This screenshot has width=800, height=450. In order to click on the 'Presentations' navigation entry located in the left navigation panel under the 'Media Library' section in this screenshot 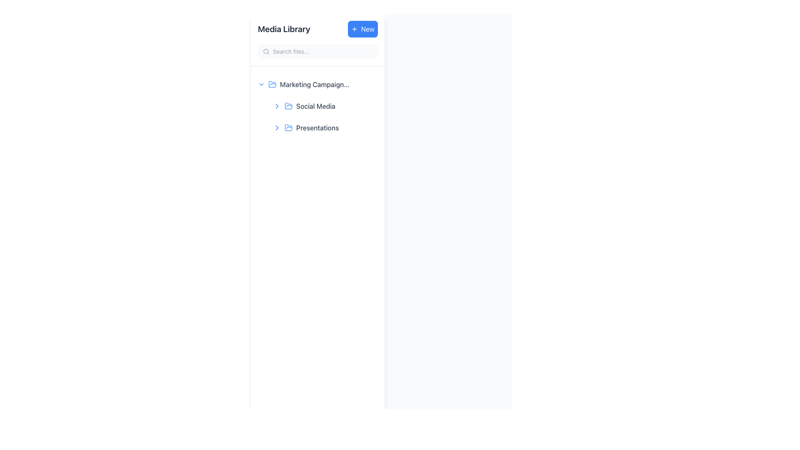, I will do `click(321, 128)`.